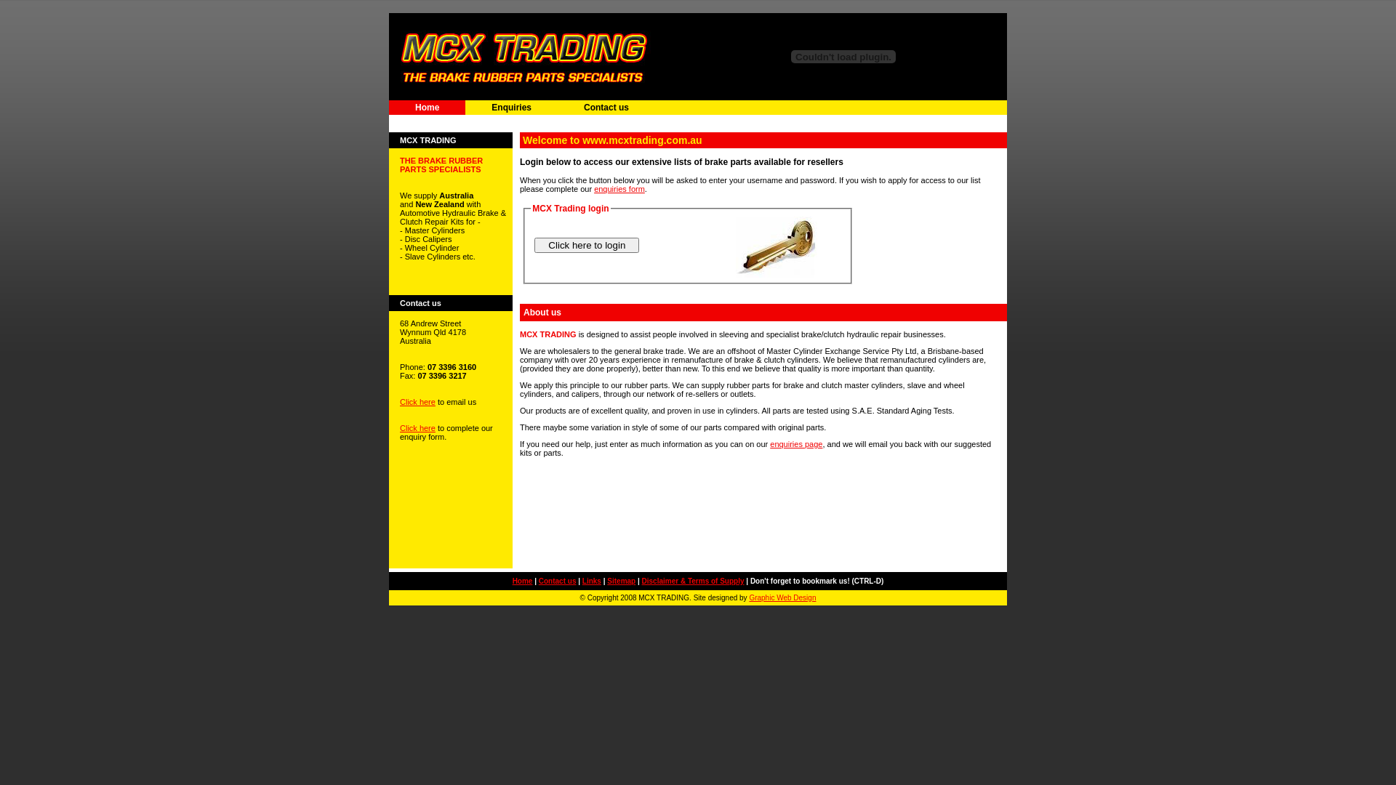  Describe the element at coordinates (533, 244) in the screenshot. I see `'   Click here to login   '` at that location.